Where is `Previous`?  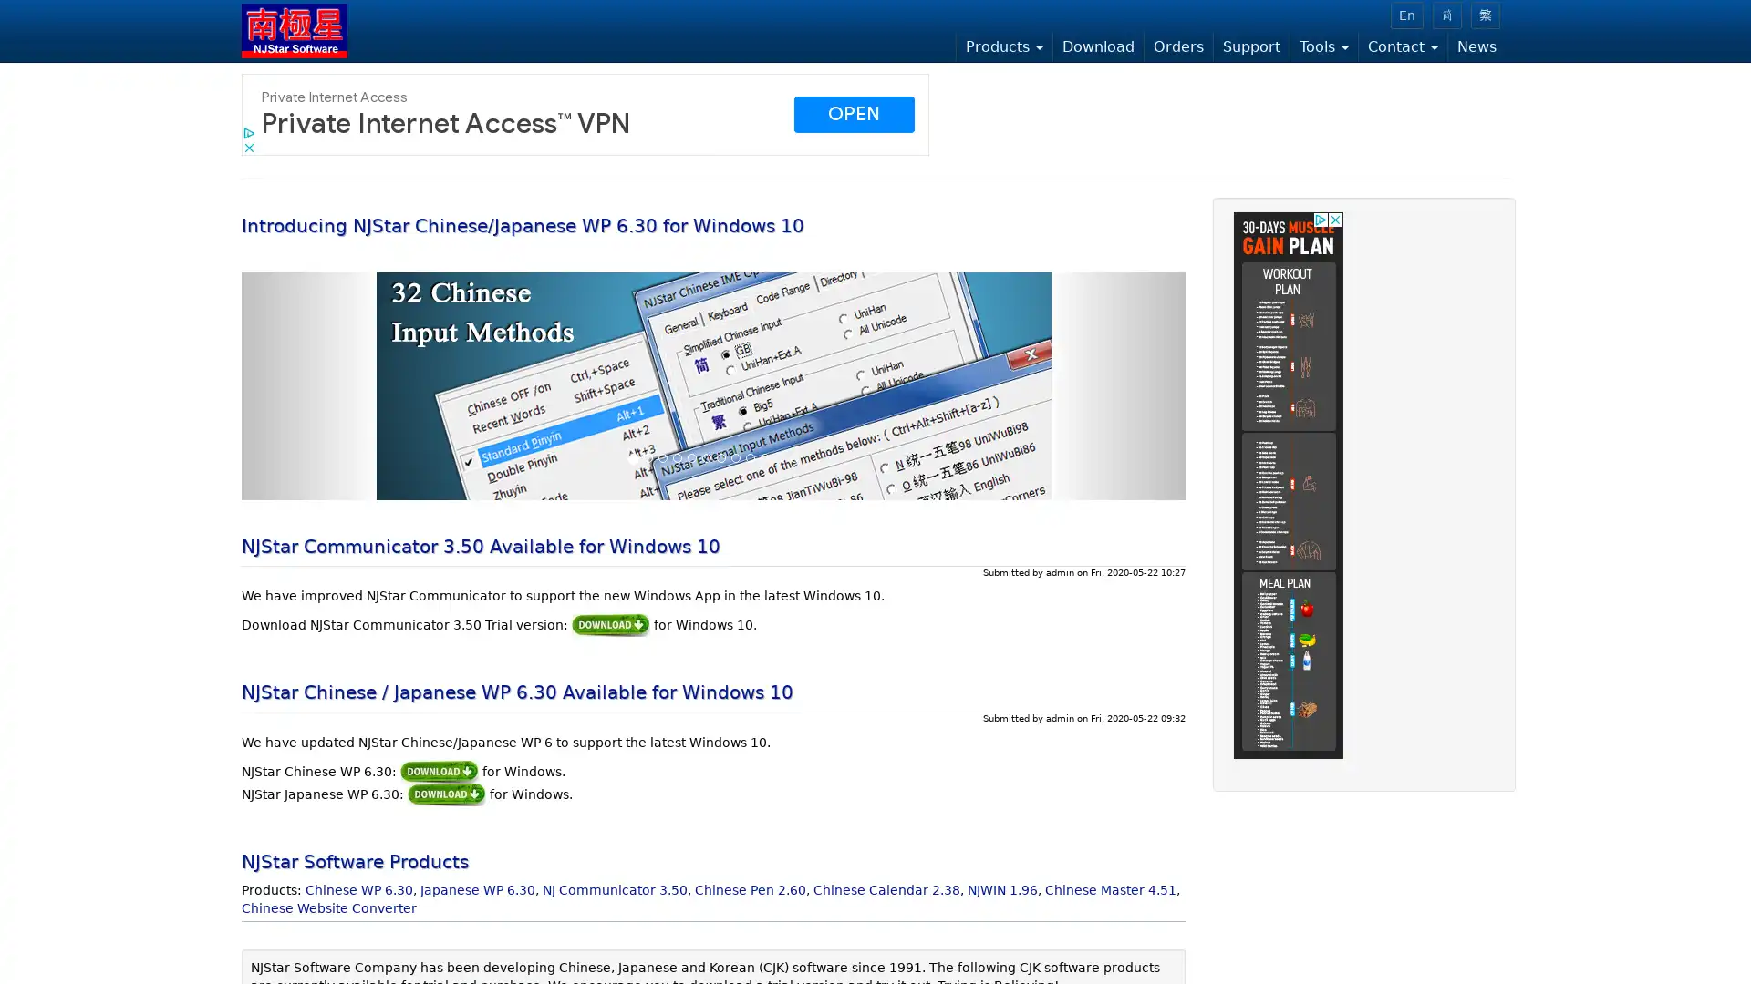 Previous is located at coordinates (312, 385).